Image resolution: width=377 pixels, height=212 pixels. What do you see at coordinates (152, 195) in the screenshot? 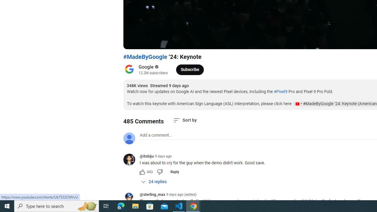
I see `'@sterling_max'` at bounding box center [152, 195].